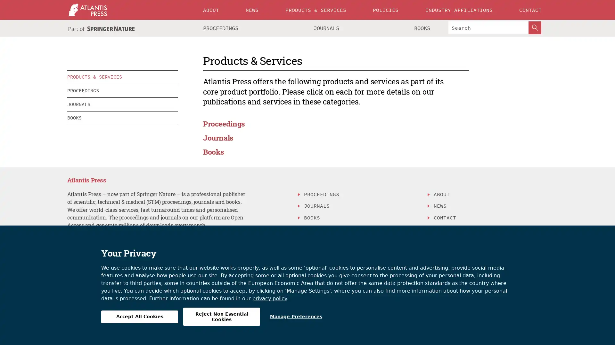 This screenshot has width=615, height=345. Describe the element at coordinates (358, 240) in the screenshot. I see `MANAGE COOKIES/DO NOT SELL MY INFO` at that location.